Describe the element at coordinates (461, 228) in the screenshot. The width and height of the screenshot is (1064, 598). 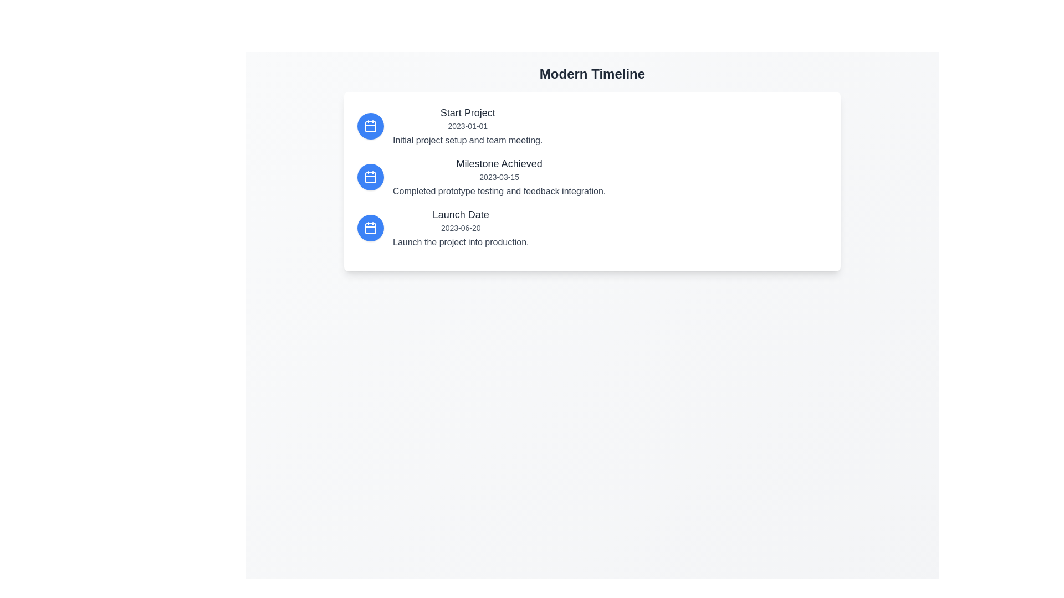
I see `the compact date string labeled '2023-06-20', which is styled in light gray and positioned below 'Launch Date'` at that location.